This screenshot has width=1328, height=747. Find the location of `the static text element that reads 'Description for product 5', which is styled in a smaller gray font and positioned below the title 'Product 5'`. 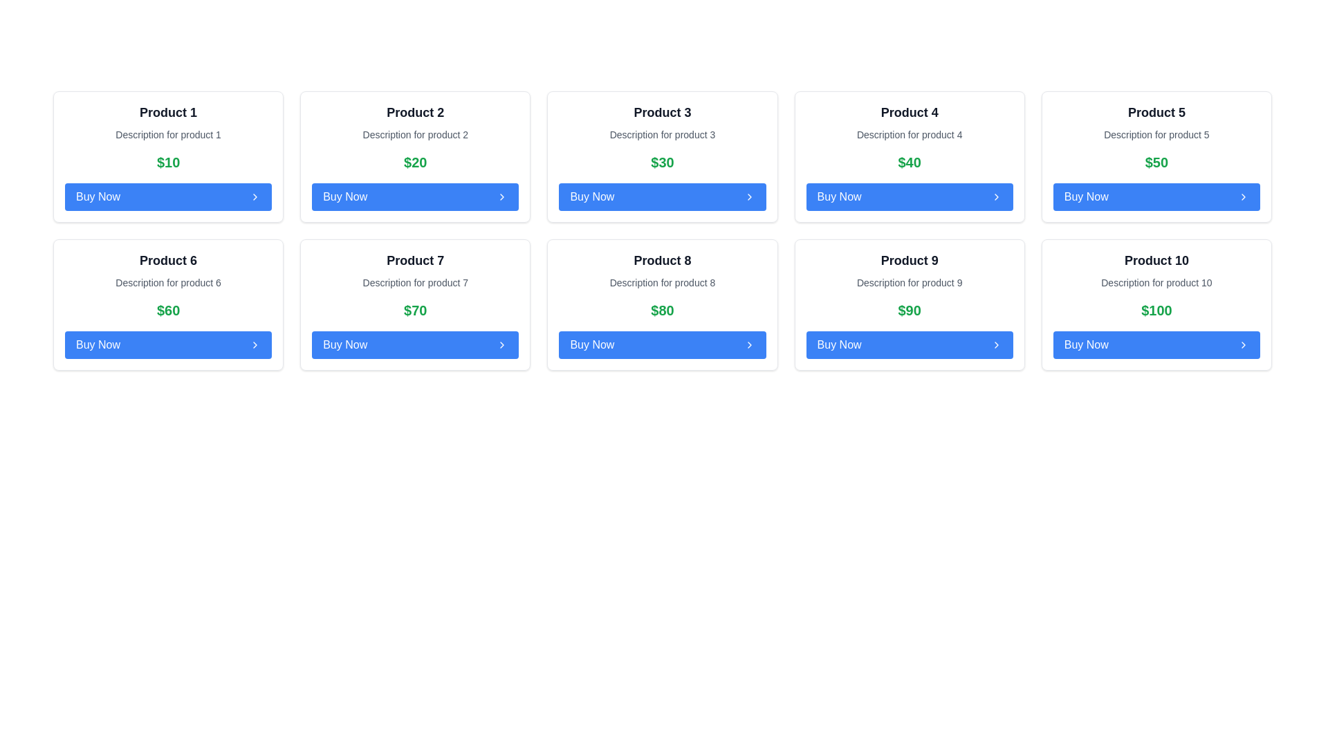

the static text element that reads 'Description for product 5', which is styled in a smaller gray font and positioned below the title 'Product 5' is located at coordinates (1156, 135).